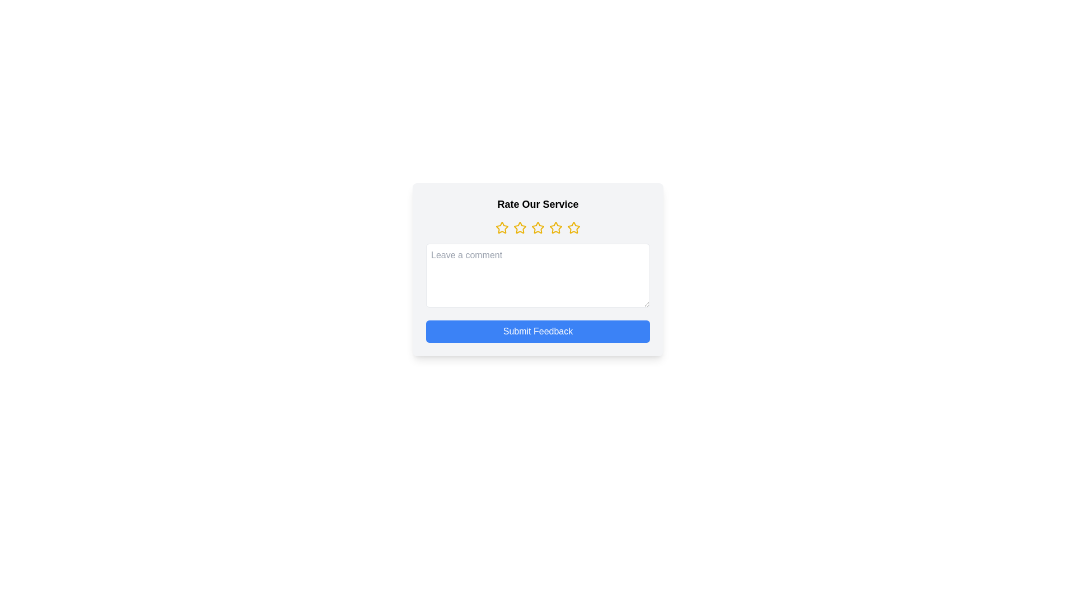 This screenshot has width=1075, height=605. I want to click on the first yellow outlined star icon in the rating section to rate our service, so click(502, 227).